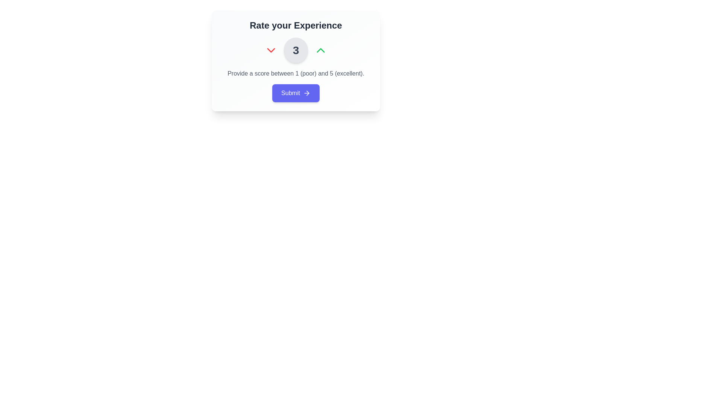  What do you see at coordinates (271, 50) in the screenshot?
I see `the downward arrow icon button located to the left of the numeral '3' to observe a color change` at bounding box center [271, 50].